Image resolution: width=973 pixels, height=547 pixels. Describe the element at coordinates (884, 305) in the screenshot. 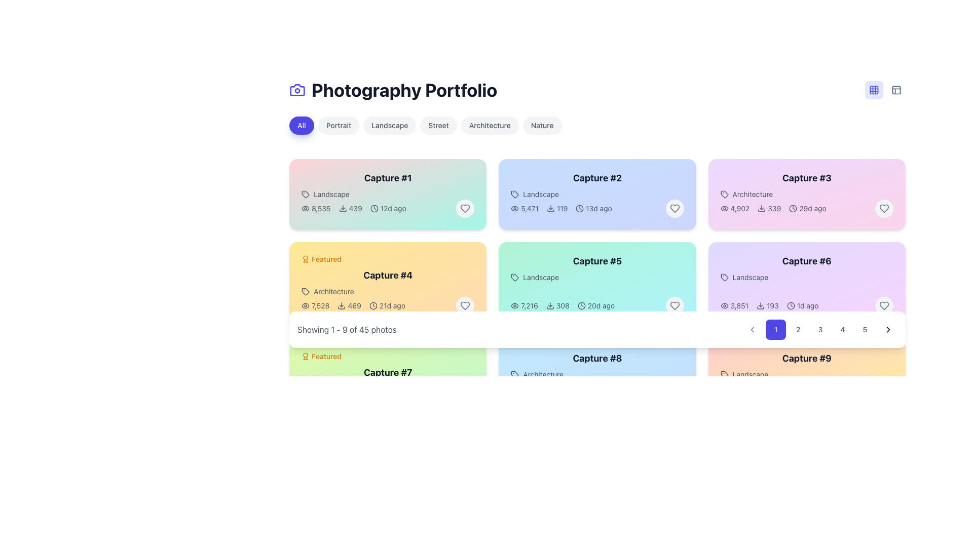

I see `the small circular button with a heart icon located` at that location.